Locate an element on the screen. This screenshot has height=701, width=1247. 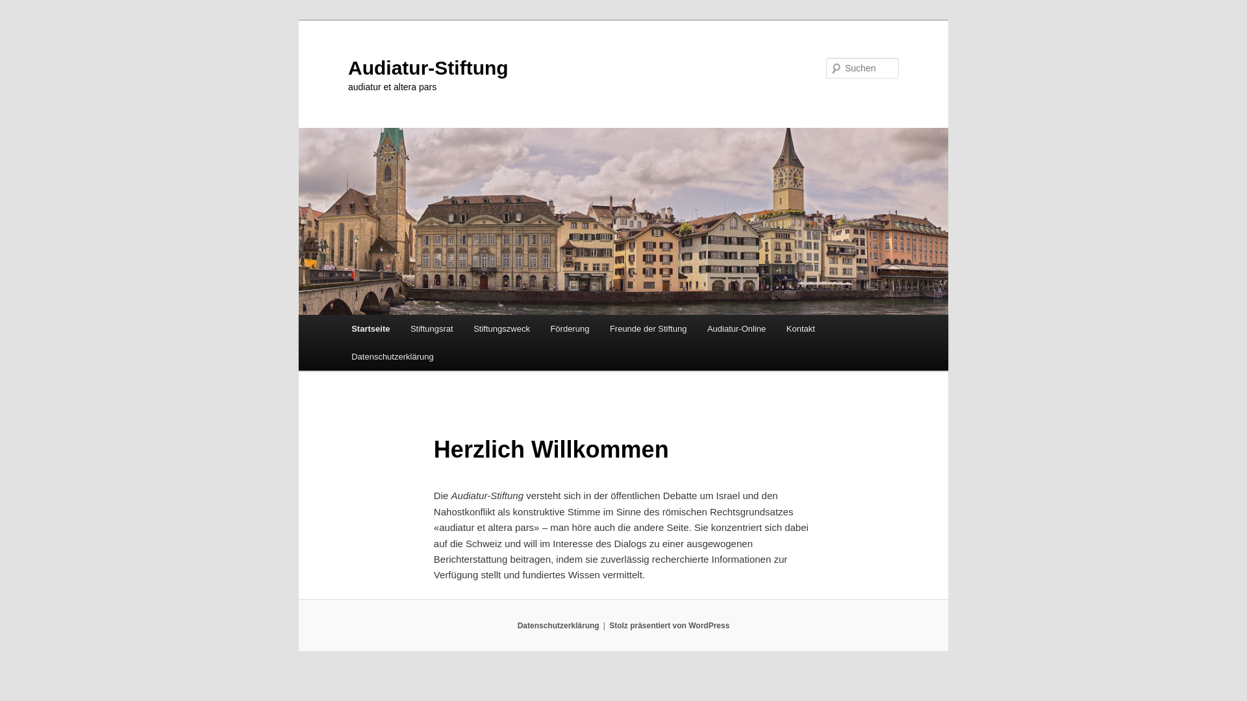
'Stiftungsrat' is located at coordinates (431, 328).